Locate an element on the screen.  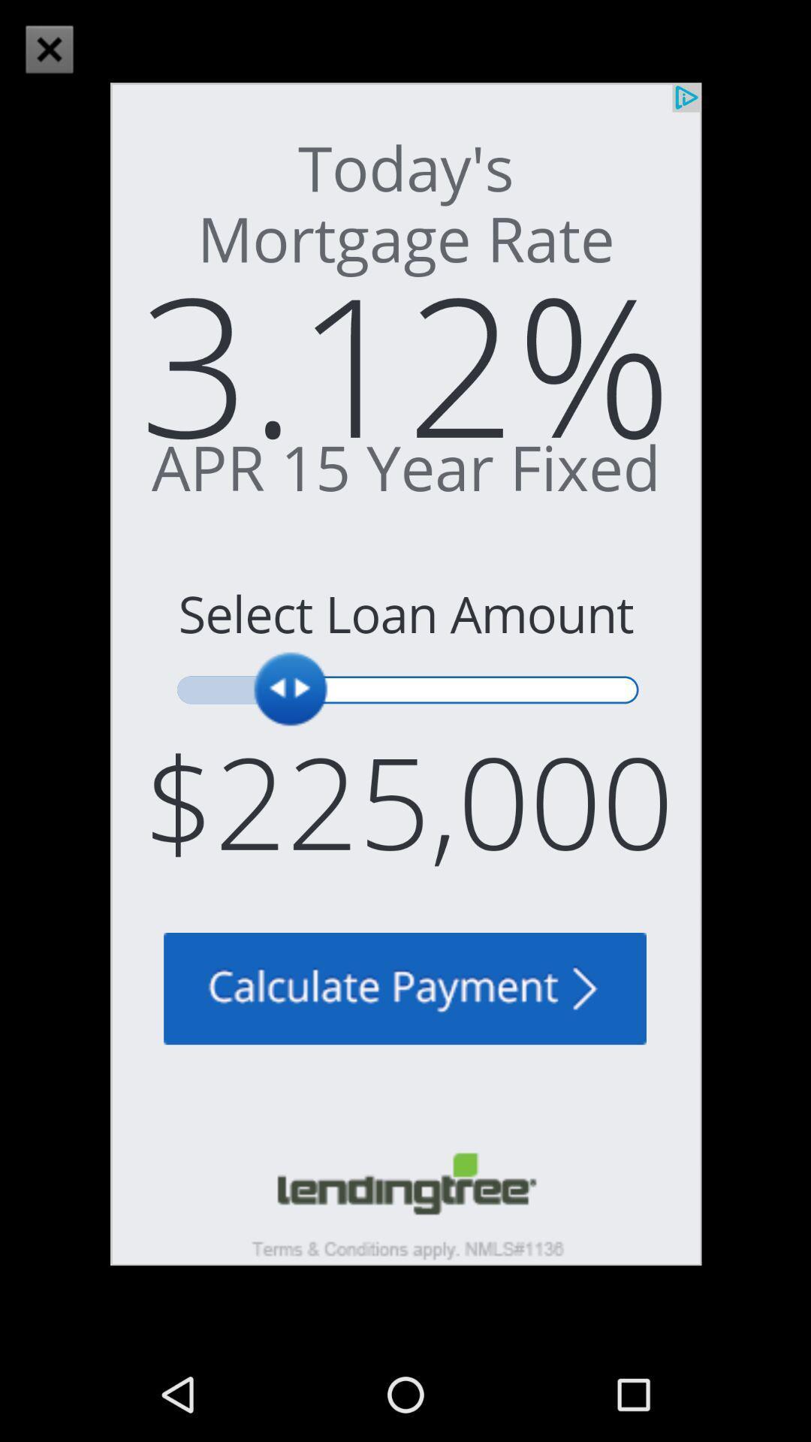
the close icon is located at coordinates (48, 53).